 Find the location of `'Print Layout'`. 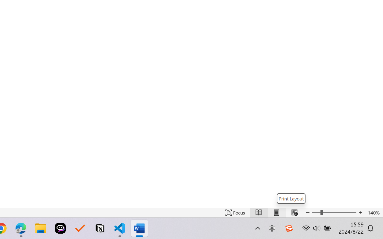

'Print Layout' is located at coordinates (291, 198).